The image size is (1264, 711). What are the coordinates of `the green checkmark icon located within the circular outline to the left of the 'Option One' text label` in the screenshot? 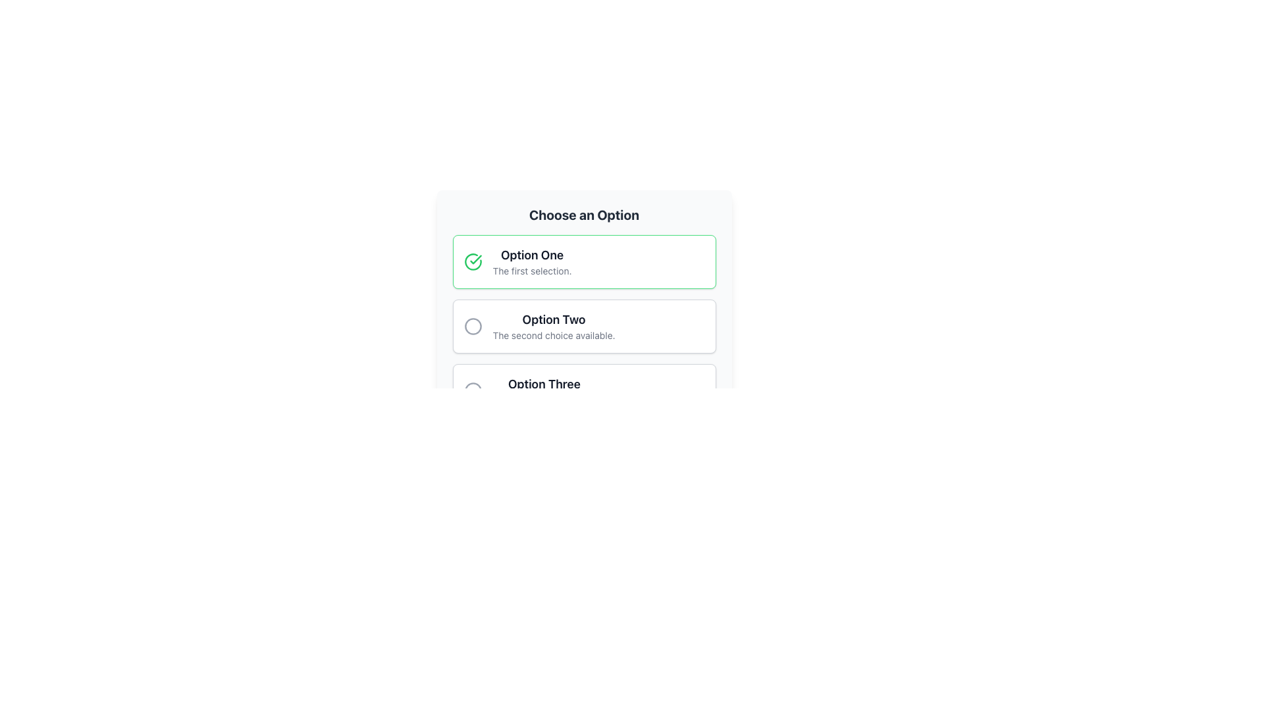 It's located at (475, 259).